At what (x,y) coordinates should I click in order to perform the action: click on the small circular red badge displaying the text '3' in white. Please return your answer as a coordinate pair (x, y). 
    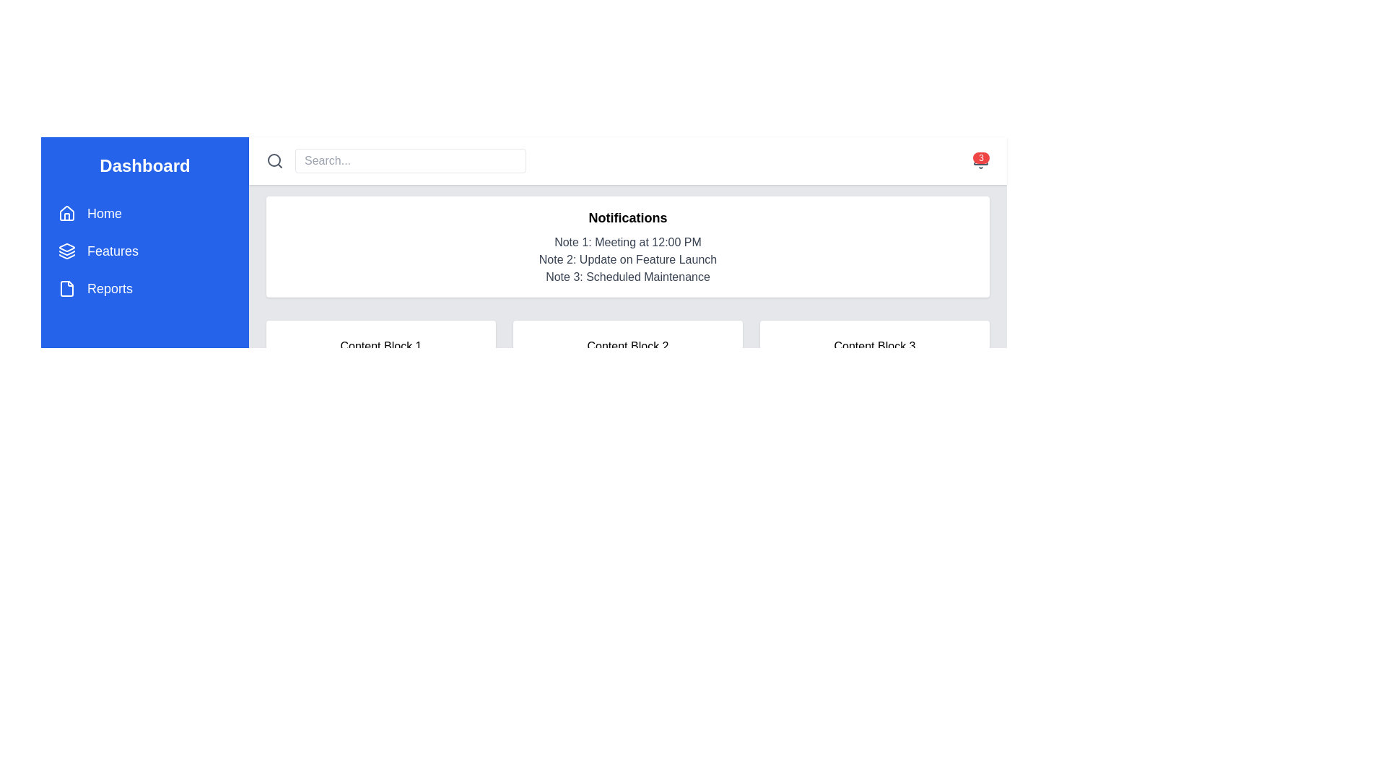
    Looking at the image, I should click on (981, 158).